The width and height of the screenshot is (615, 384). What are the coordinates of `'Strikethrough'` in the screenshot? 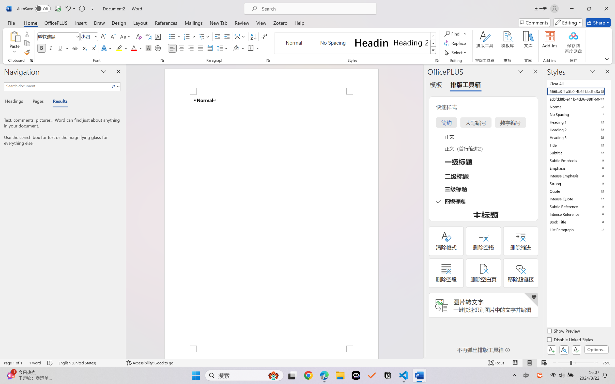 It's located at (75, 48).